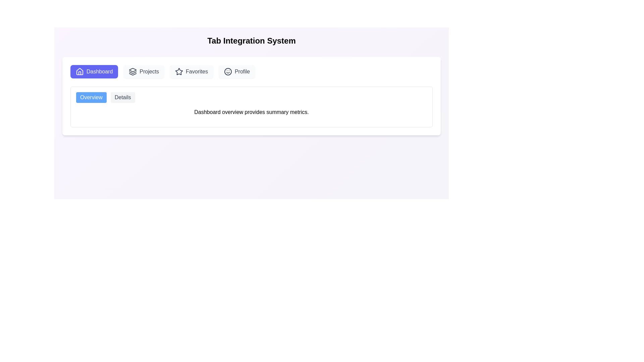 Image resolution: width=644 pixels, height=362 pixels. What do you see at coordinates (228, 71) in the screenshot?
I see `the circular smiling face icon located inside the 'Profile' button, which is the fourth button in the horizontal group at the top of the interface` at bounding box center [228, 71].